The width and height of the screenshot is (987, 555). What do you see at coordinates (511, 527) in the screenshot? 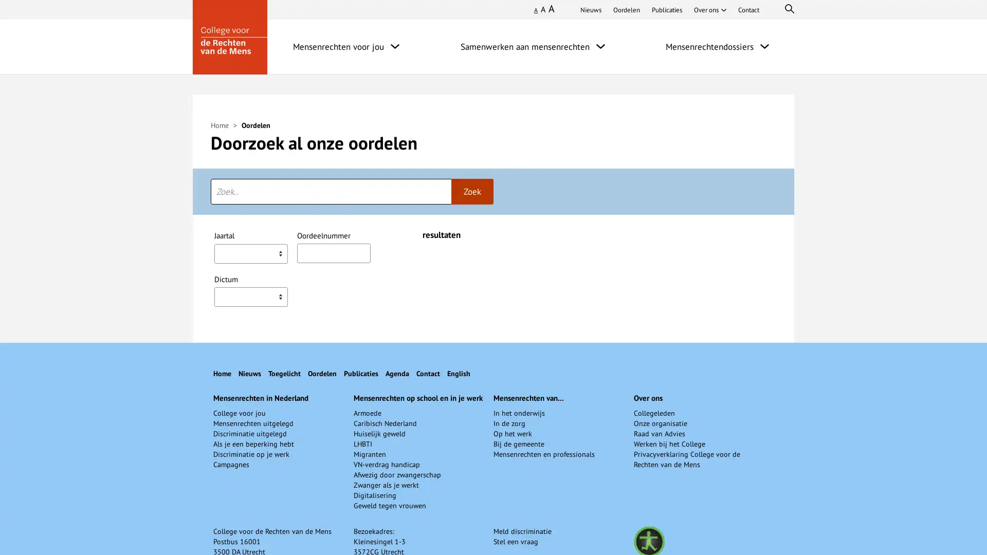
I see `Functie-eis,` at bounding box center [511, 527].